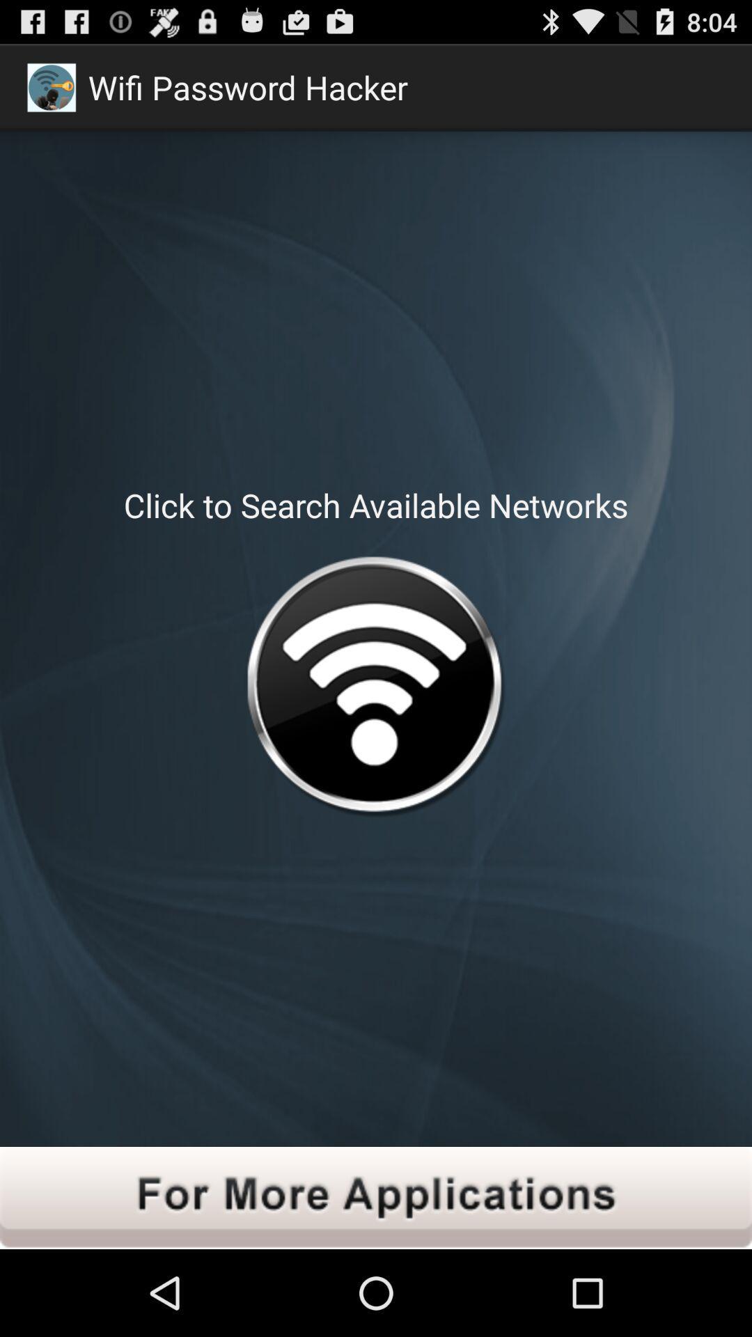 This screenshot has width=752, height=1337. What do you see at coordinates (375, 690) in the screenshot?
I see `icon below click to search item` at bounding box center [375, 690].